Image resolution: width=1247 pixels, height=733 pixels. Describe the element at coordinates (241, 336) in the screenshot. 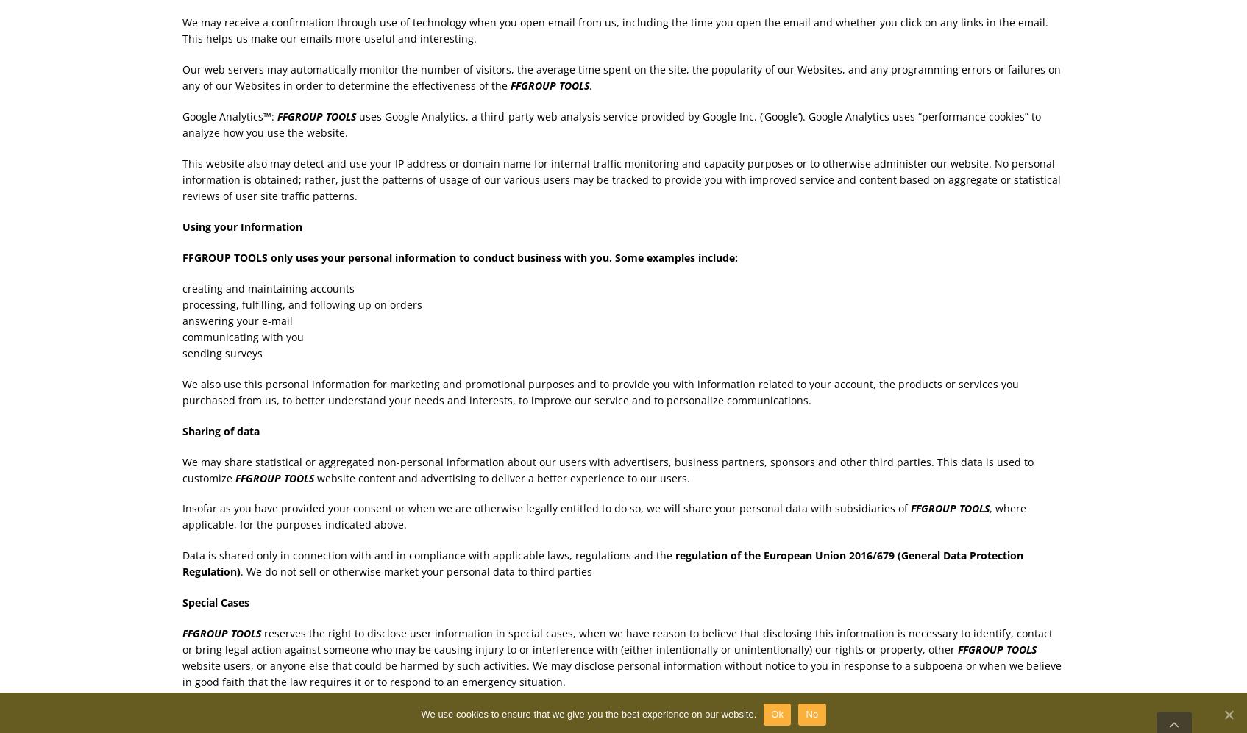

I see `'communicating with you'` at that location.